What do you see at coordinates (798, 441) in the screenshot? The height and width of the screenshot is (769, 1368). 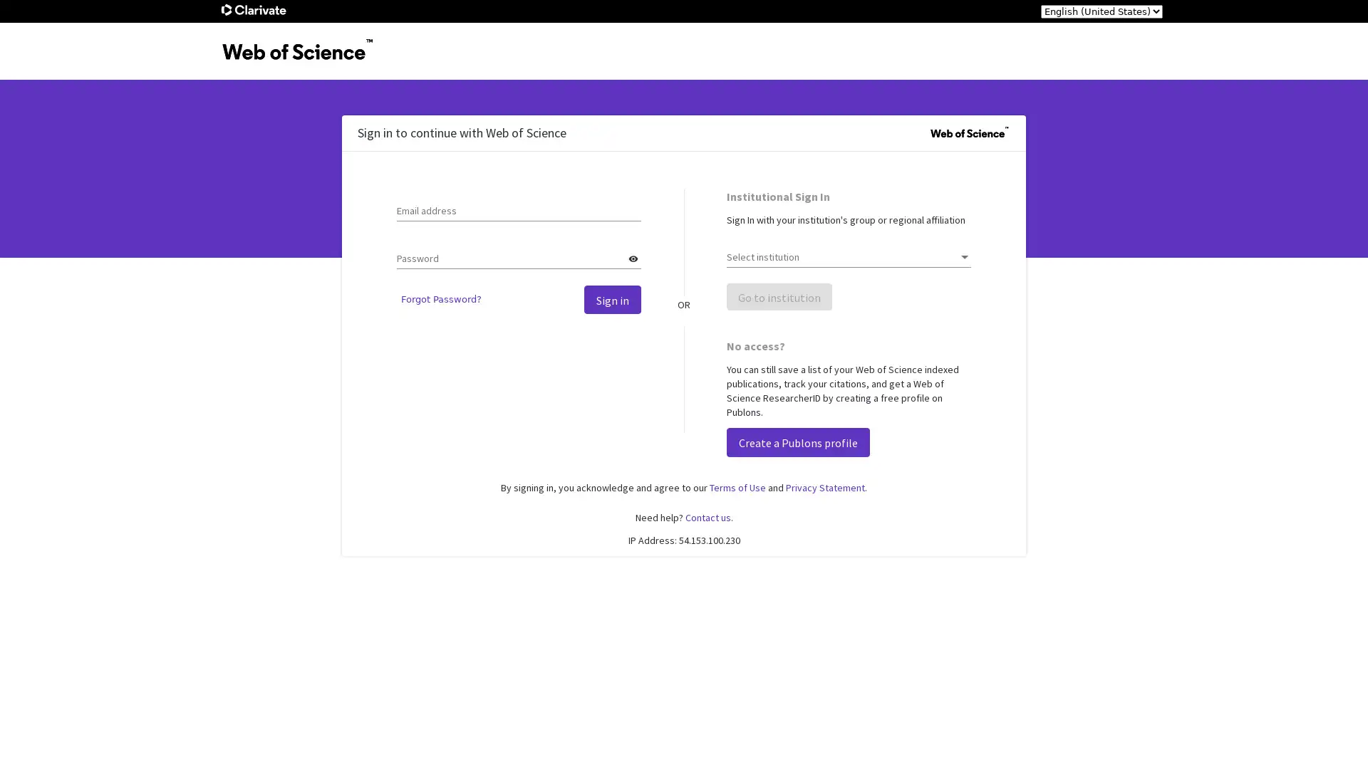 I see `Create a Publons profile` at bounding box center [798, 441].